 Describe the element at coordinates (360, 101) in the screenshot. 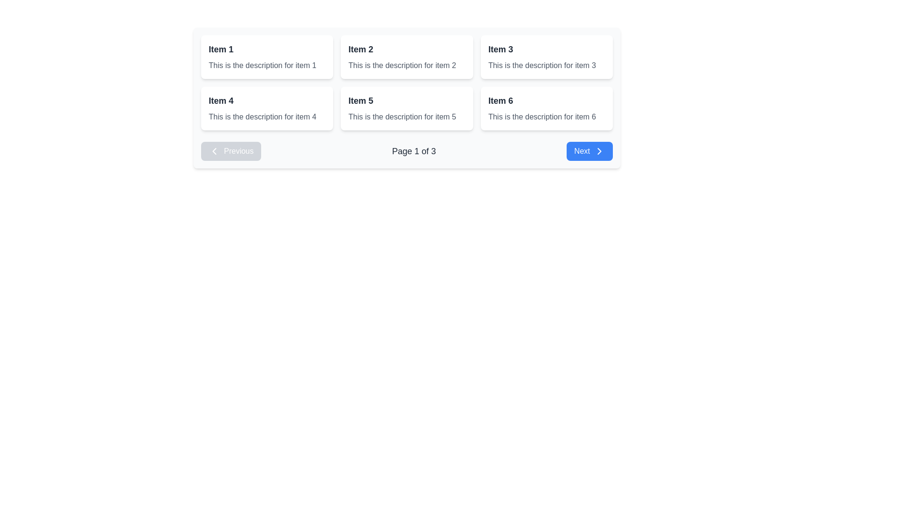

I see `the static text label with bold and large 'Item 5' in dark gray, located in the second row, first column of a grid layout within a white card` at that location.